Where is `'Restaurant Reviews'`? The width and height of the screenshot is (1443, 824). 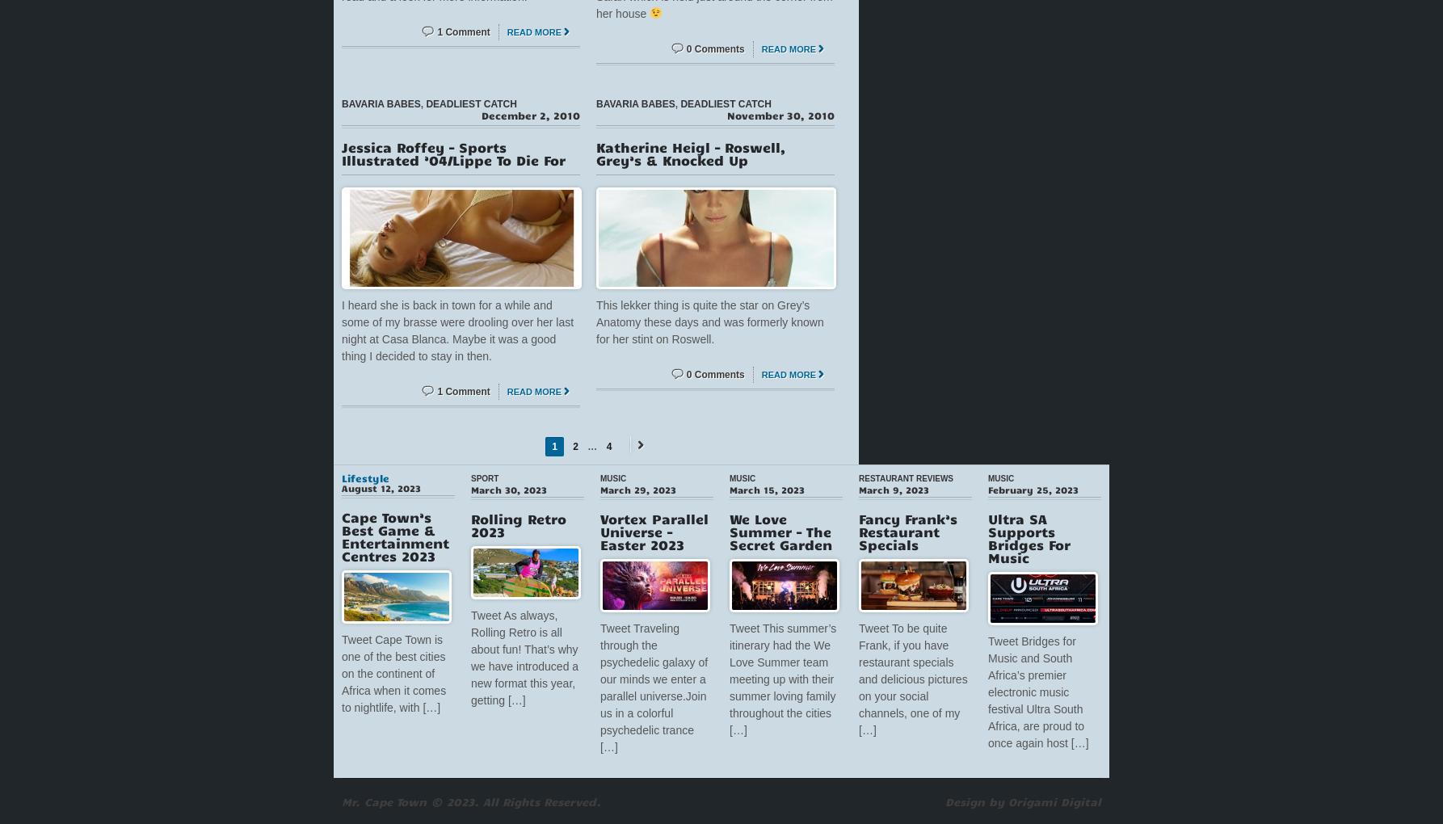
'Restaurant Reviews' is located at coordinates (905, 477).